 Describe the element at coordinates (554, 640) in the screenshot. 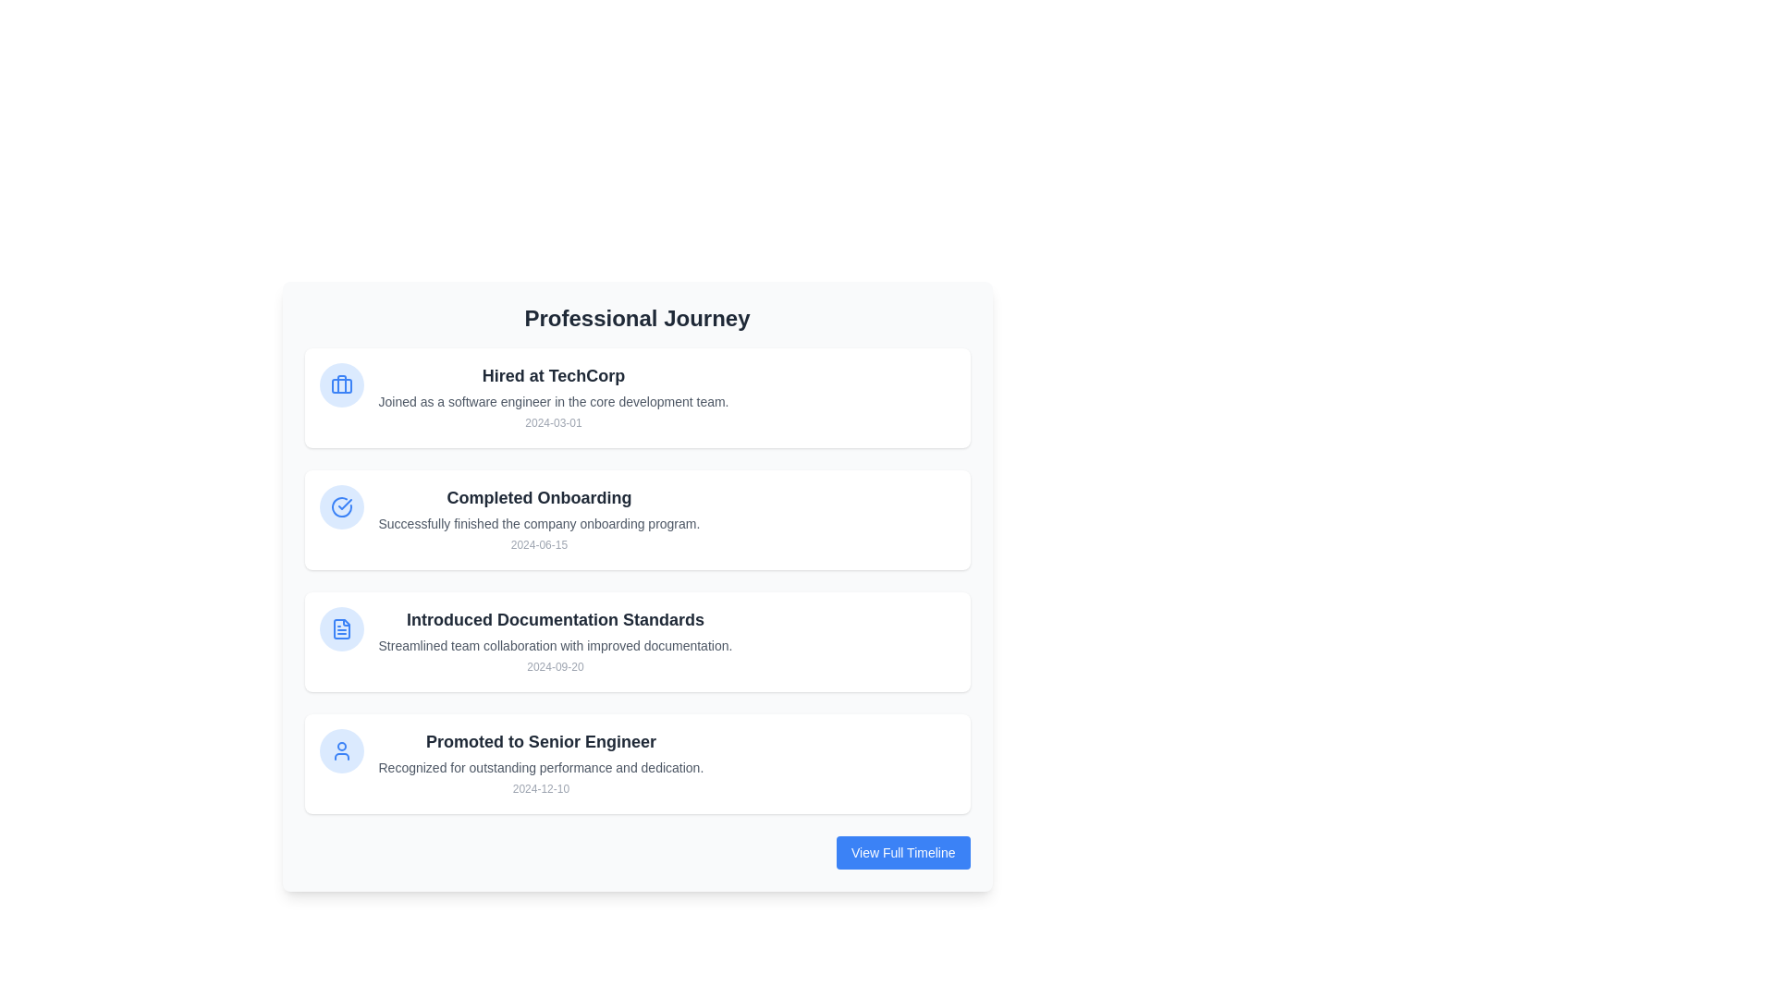

I see `the date displayed` at that location.